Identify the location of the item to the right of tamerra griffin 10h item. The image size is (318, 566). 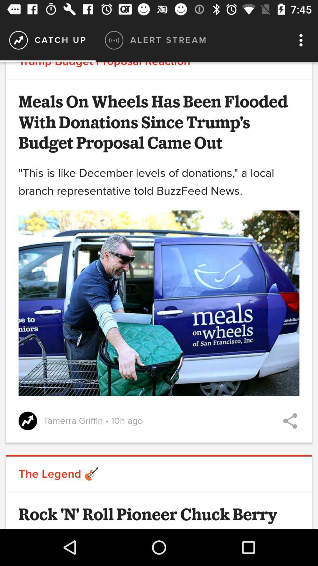
(290, 421).